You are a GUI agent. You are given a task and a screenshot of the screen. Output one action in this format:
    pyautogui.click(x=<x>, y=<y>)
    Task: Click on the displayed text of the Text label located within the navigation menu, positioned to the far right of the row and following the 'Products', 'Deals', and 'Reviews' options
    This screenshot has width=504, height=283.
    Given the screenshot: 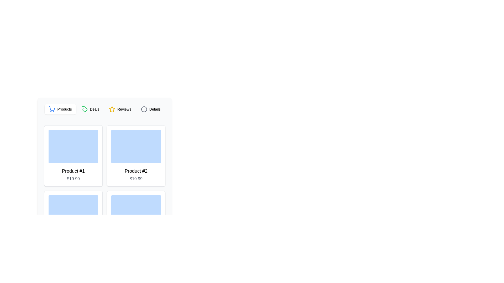 What is the action you would take?
    pyautogui.click(x=155, y=109)
    